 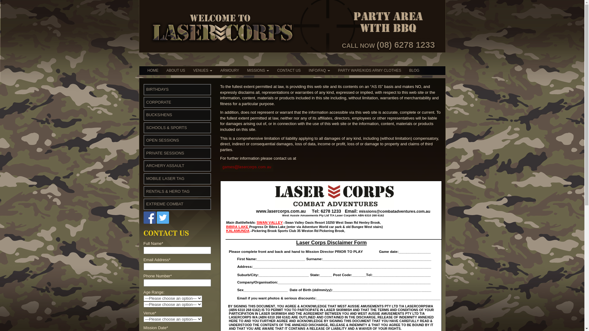 What do you see at coordinates (165, 178) in the screenshot?
I see `'MOBILE LASER TAG'` at bounding box center [165, 178].